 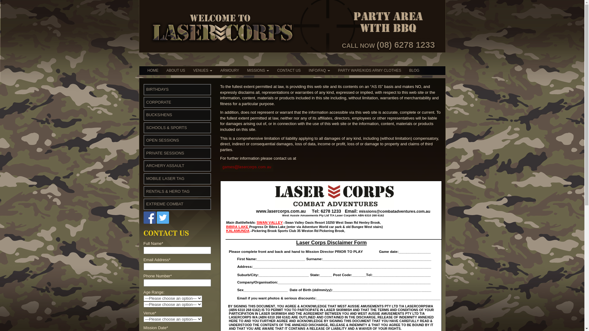 What do you see at coordinates (165, 178) in the screenshot?
I see `'MOBILE LASER TAG'` at bounding box center [165, 178].